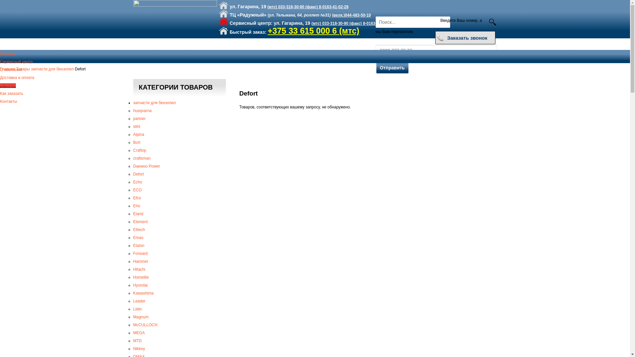 The height and width of the screenshot is (357, 635). What do you see at coordinates (140, 317) in the screenshot?
I see `'Magnum'` at bounding box center [140, 317].